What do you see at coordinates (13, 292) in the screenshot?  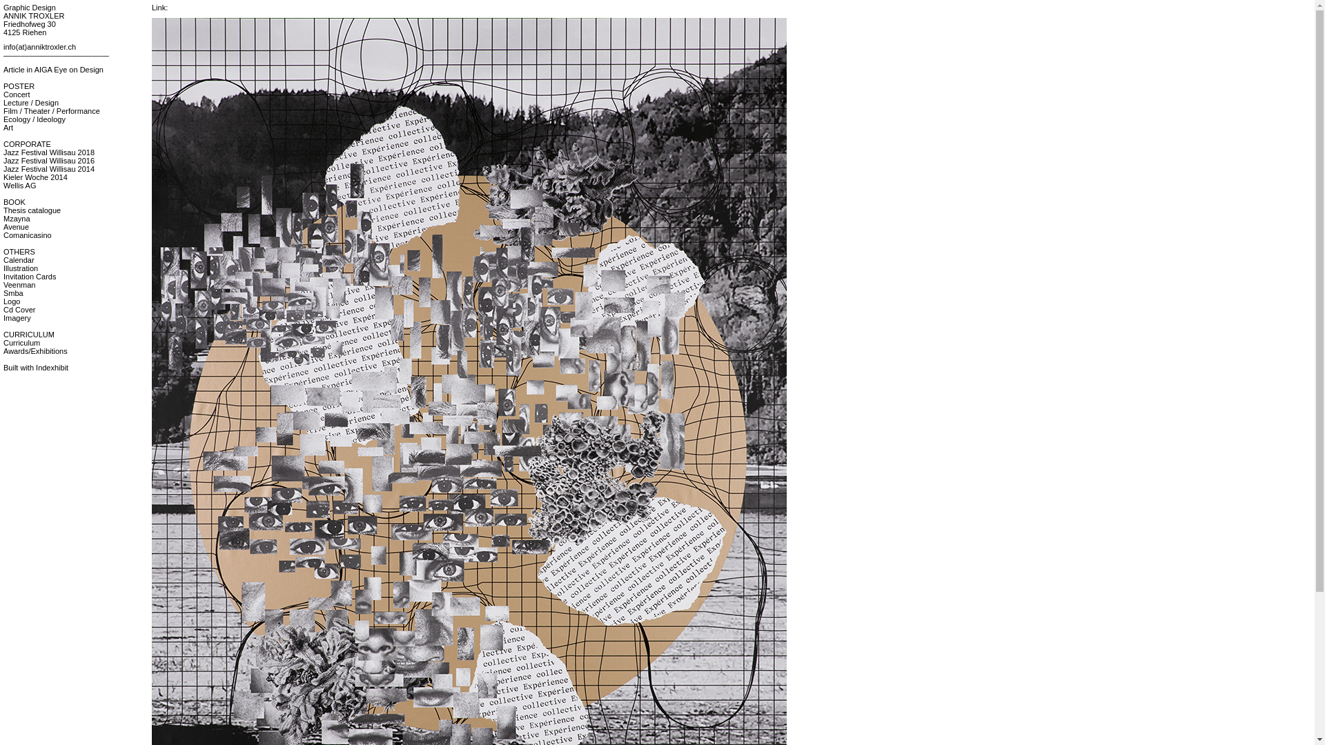 I see `'Smba'` at bounding box center [13, 292].